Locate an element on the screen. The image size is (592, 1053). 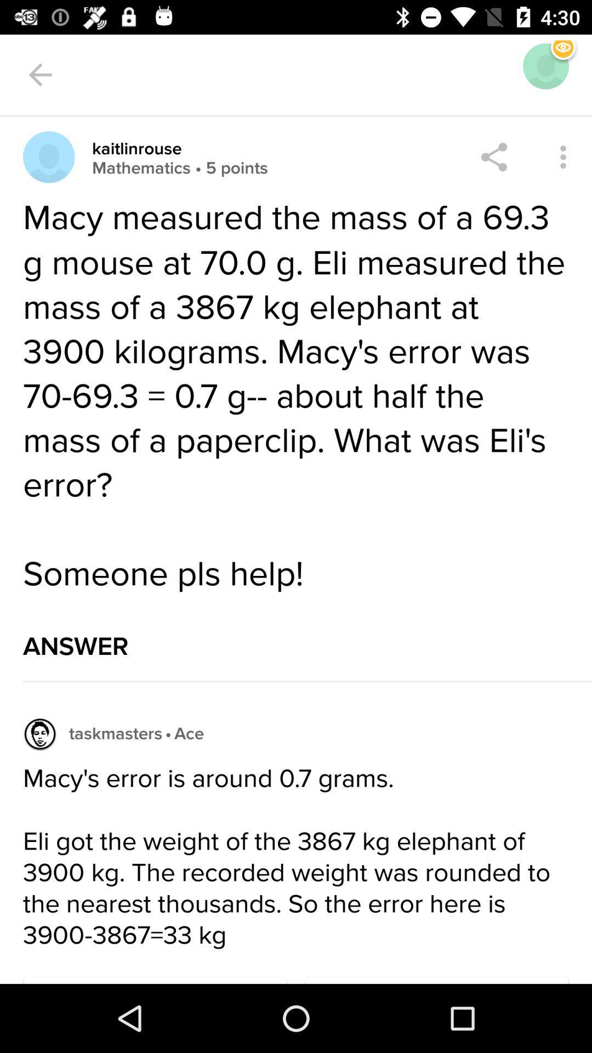
the share icon is located at coordinates (494, 156).